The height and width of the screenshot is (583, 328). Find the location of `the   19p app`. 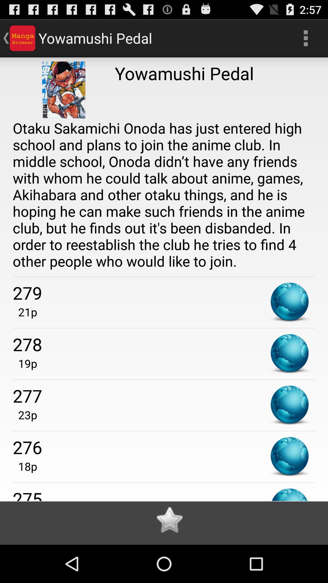

the   19p app is located at coordinates (25, 363).